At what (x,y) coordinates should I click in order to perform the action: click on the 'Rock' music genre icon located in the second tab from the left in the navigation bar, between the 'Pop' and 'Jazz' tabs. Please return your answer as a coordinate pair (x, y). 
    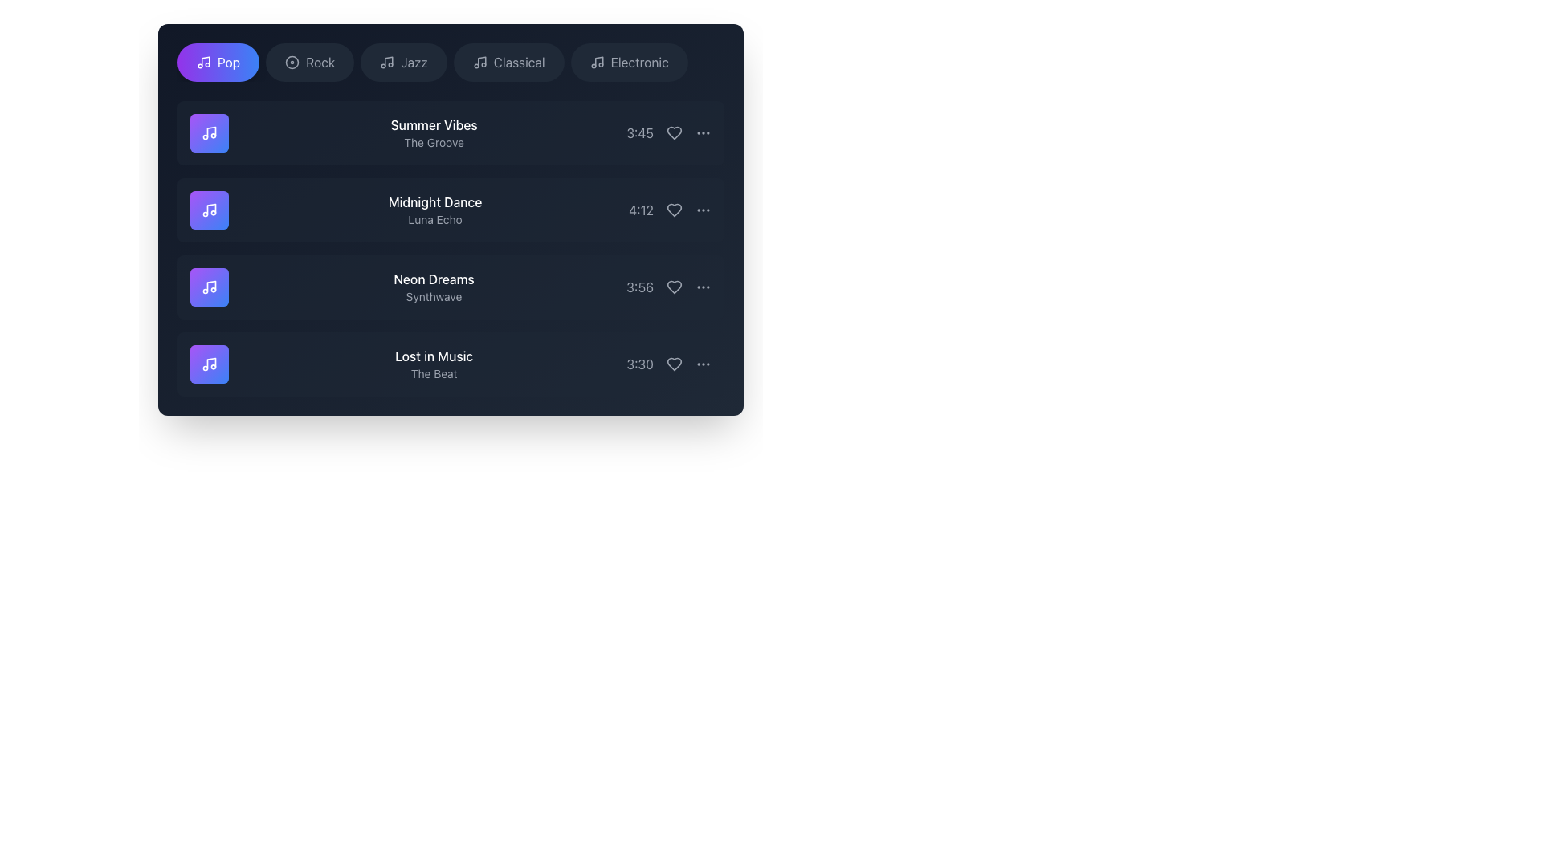
    Looking at the image, I should click on (292, 61).